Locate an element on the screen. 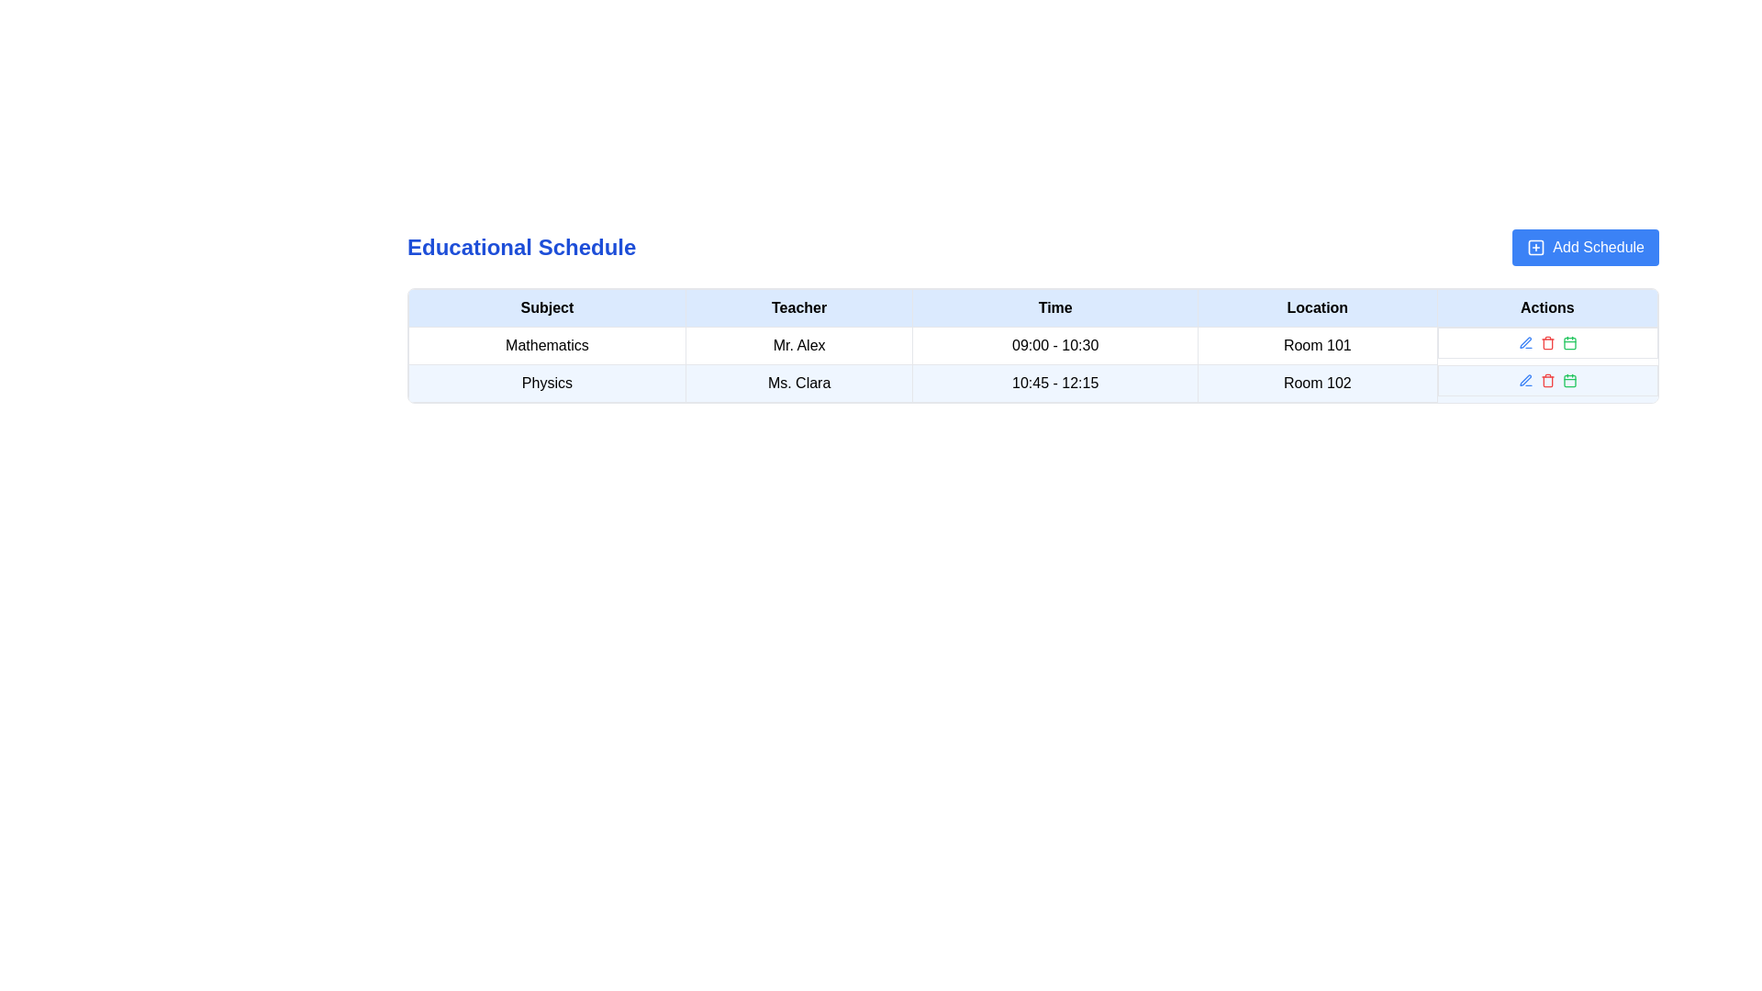  the text label in the second column header of the table, which indicates the teacher assigned to specific subjects is located at coordinates (799, 306).